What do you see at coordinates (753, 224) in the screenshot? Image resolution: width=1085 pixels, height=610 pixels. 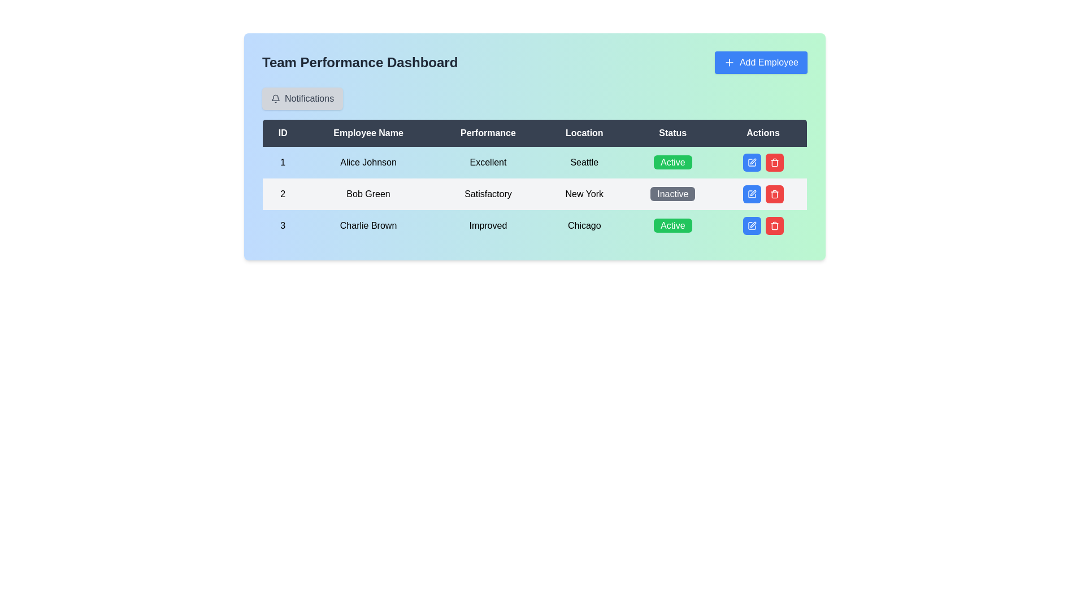 I see `the pen icon button located in the 'Actions' column of the second row in the data table` at bounding box center [753, 224].